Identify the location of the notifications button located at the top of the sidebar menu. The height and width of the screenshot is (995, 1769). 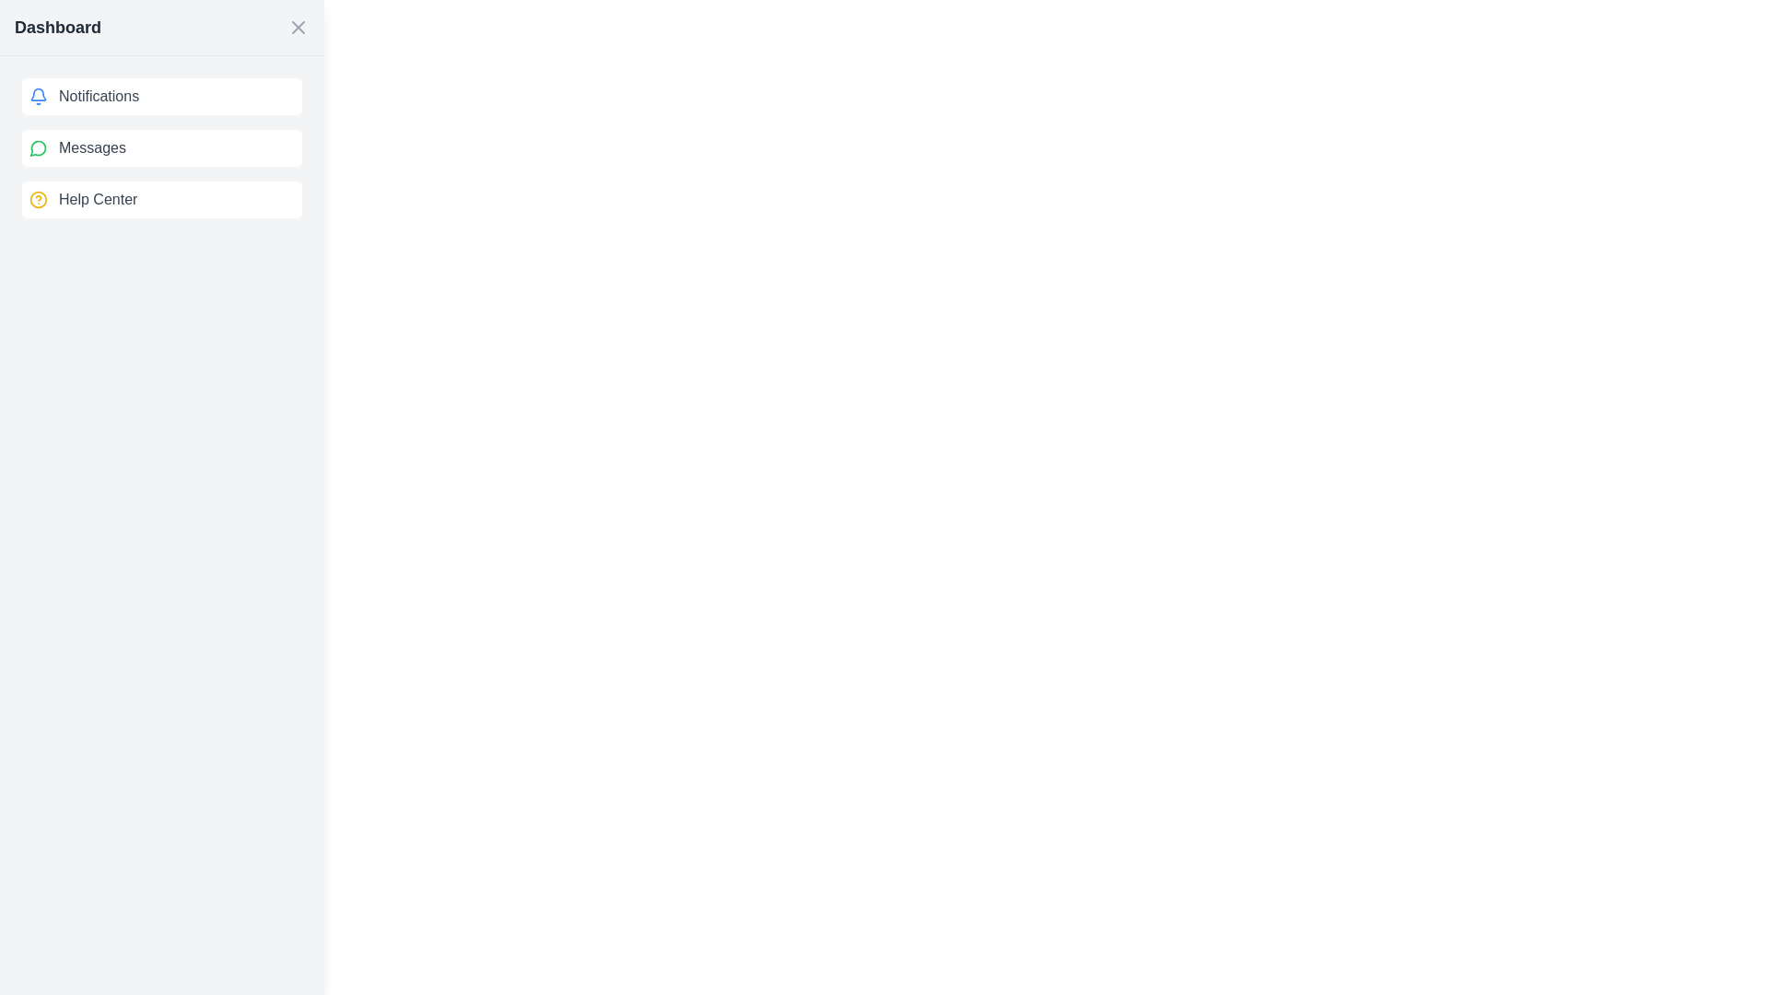
(162, 96).